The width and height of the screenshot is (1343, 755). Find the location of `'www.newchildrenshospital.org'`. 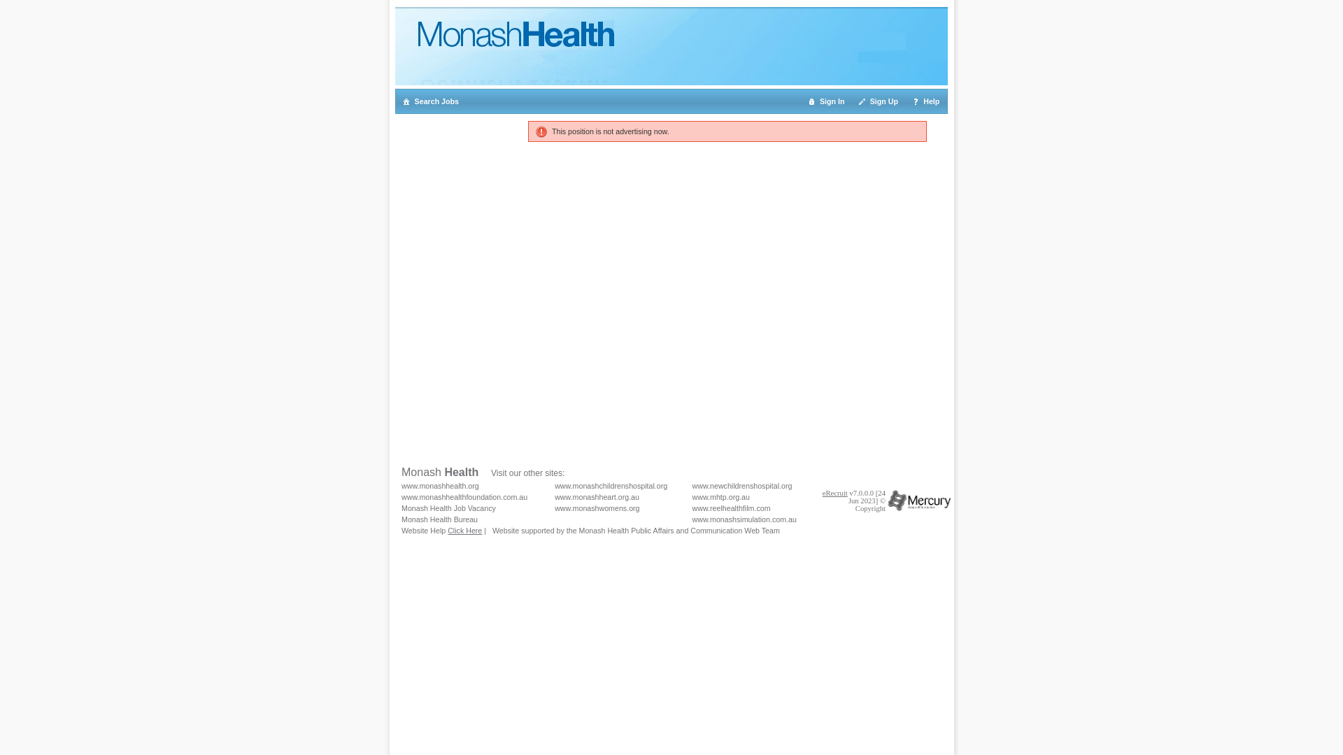

'www.newchildrenshospital.org' is located at coordinates (692, 484).